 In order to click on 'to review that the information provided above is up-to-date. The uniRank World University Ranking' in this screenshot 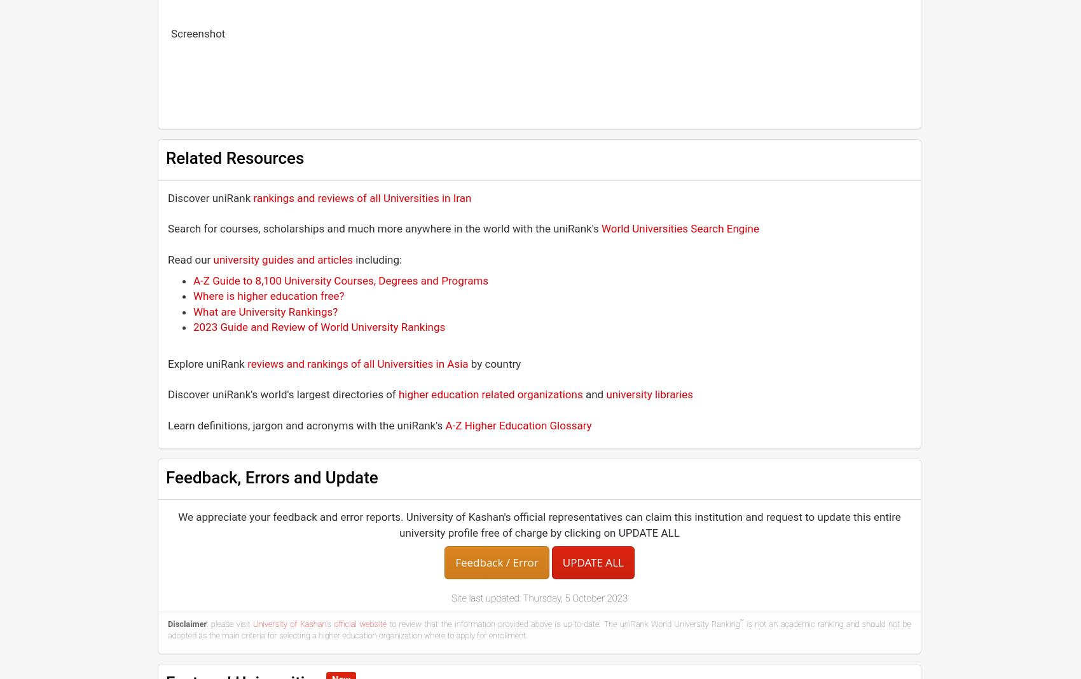, I will do `click(563, 623)`.